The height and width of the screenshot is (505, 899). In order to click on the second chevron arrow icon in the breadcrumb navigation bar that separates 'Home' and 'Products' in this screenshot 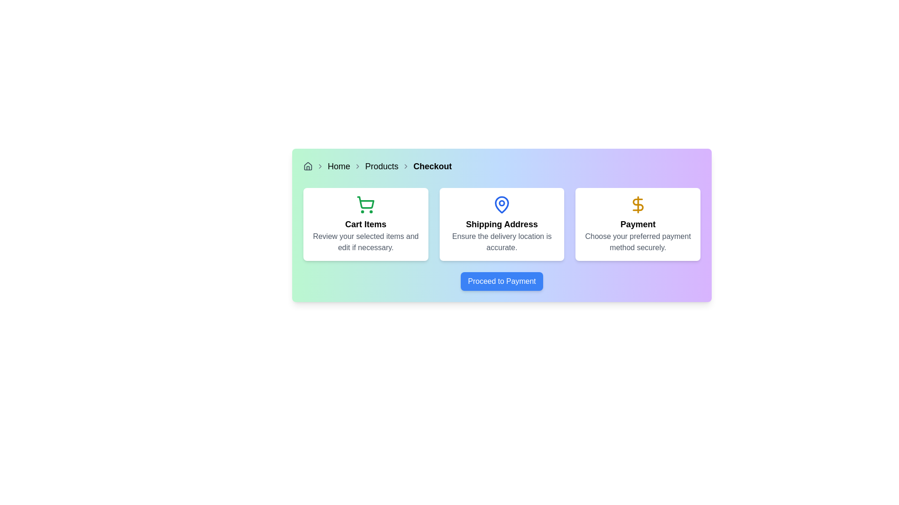, I will do `click(357, 166)`.